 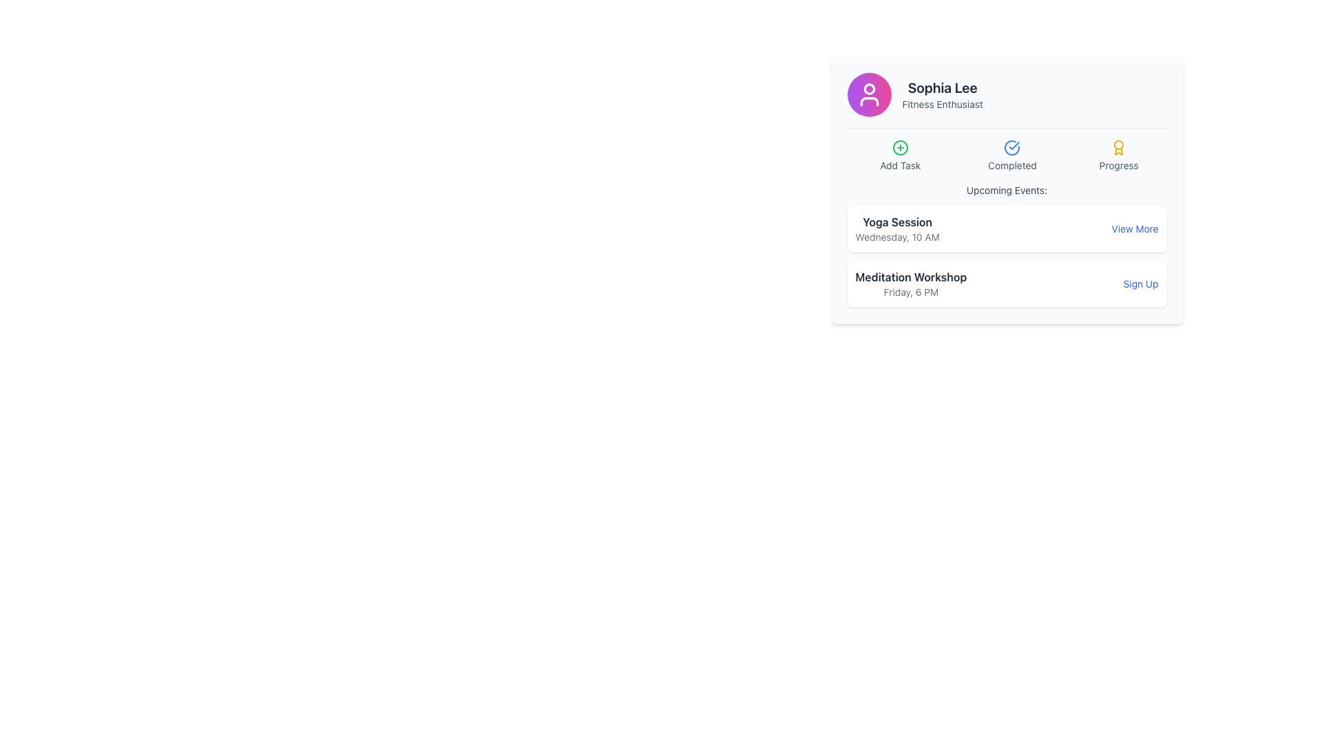 What do you see at coordinates (897, 228) in the screenshot?
I see `text display element showing 'Yoga Session' and 'Wednesday, 10 AM' located within a white card in the upper section of the 'Upcoming Events' area, positioned on the left side next to the 'View More' button` at bounding box center [897, 228].